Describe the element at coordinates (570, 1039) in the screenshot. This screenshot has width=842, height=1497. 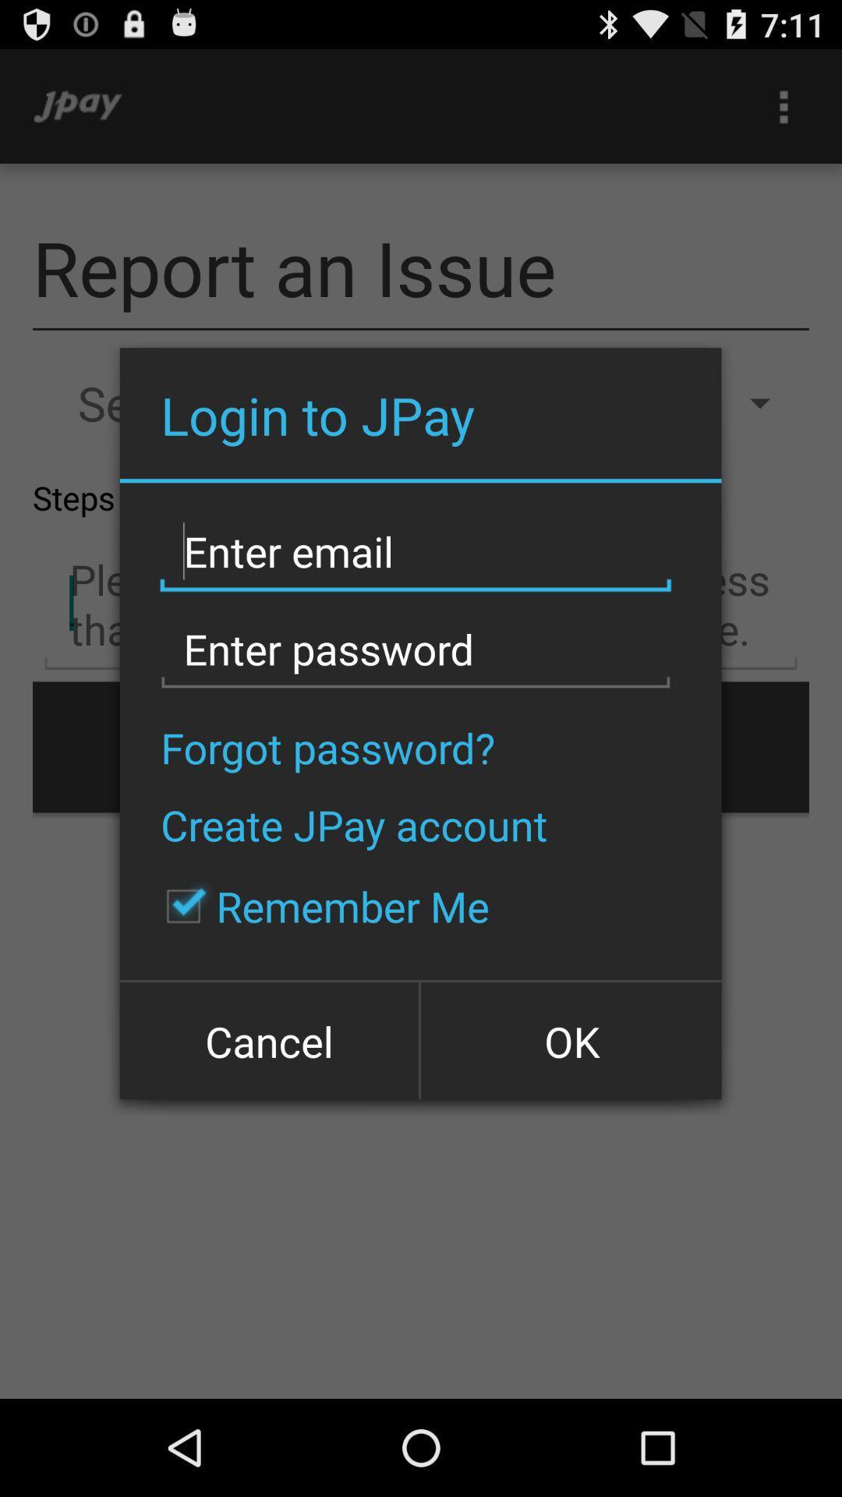
I see `ok item` at that location.